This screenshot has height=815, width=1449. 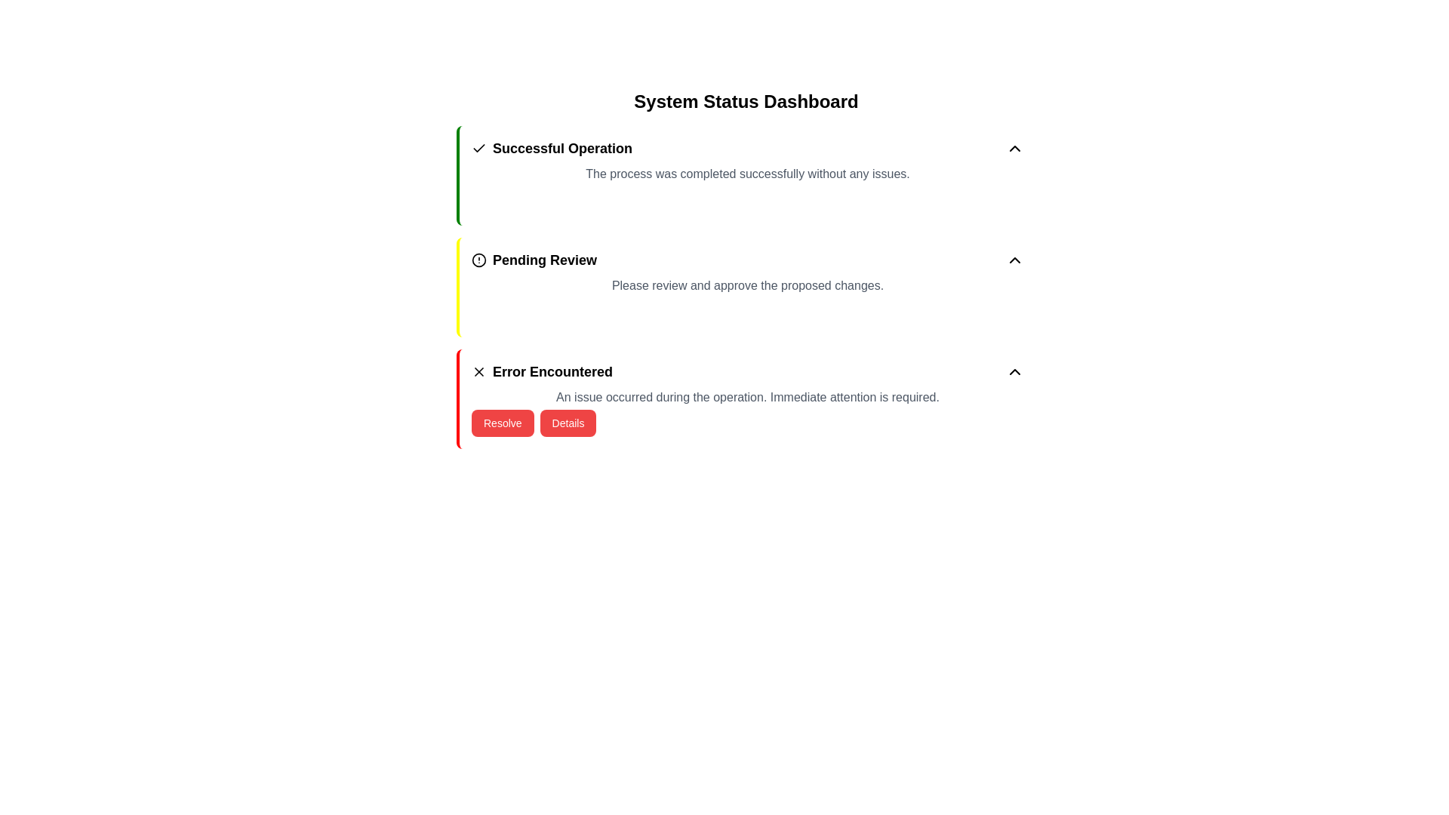 What do you see at coordinates (478, 148) in the screenshot?
I see `the checkmark icon that indicates a successful operation, located next to the 'Successful Operation' text at the top of the status list` at bounding box center [478, 148].